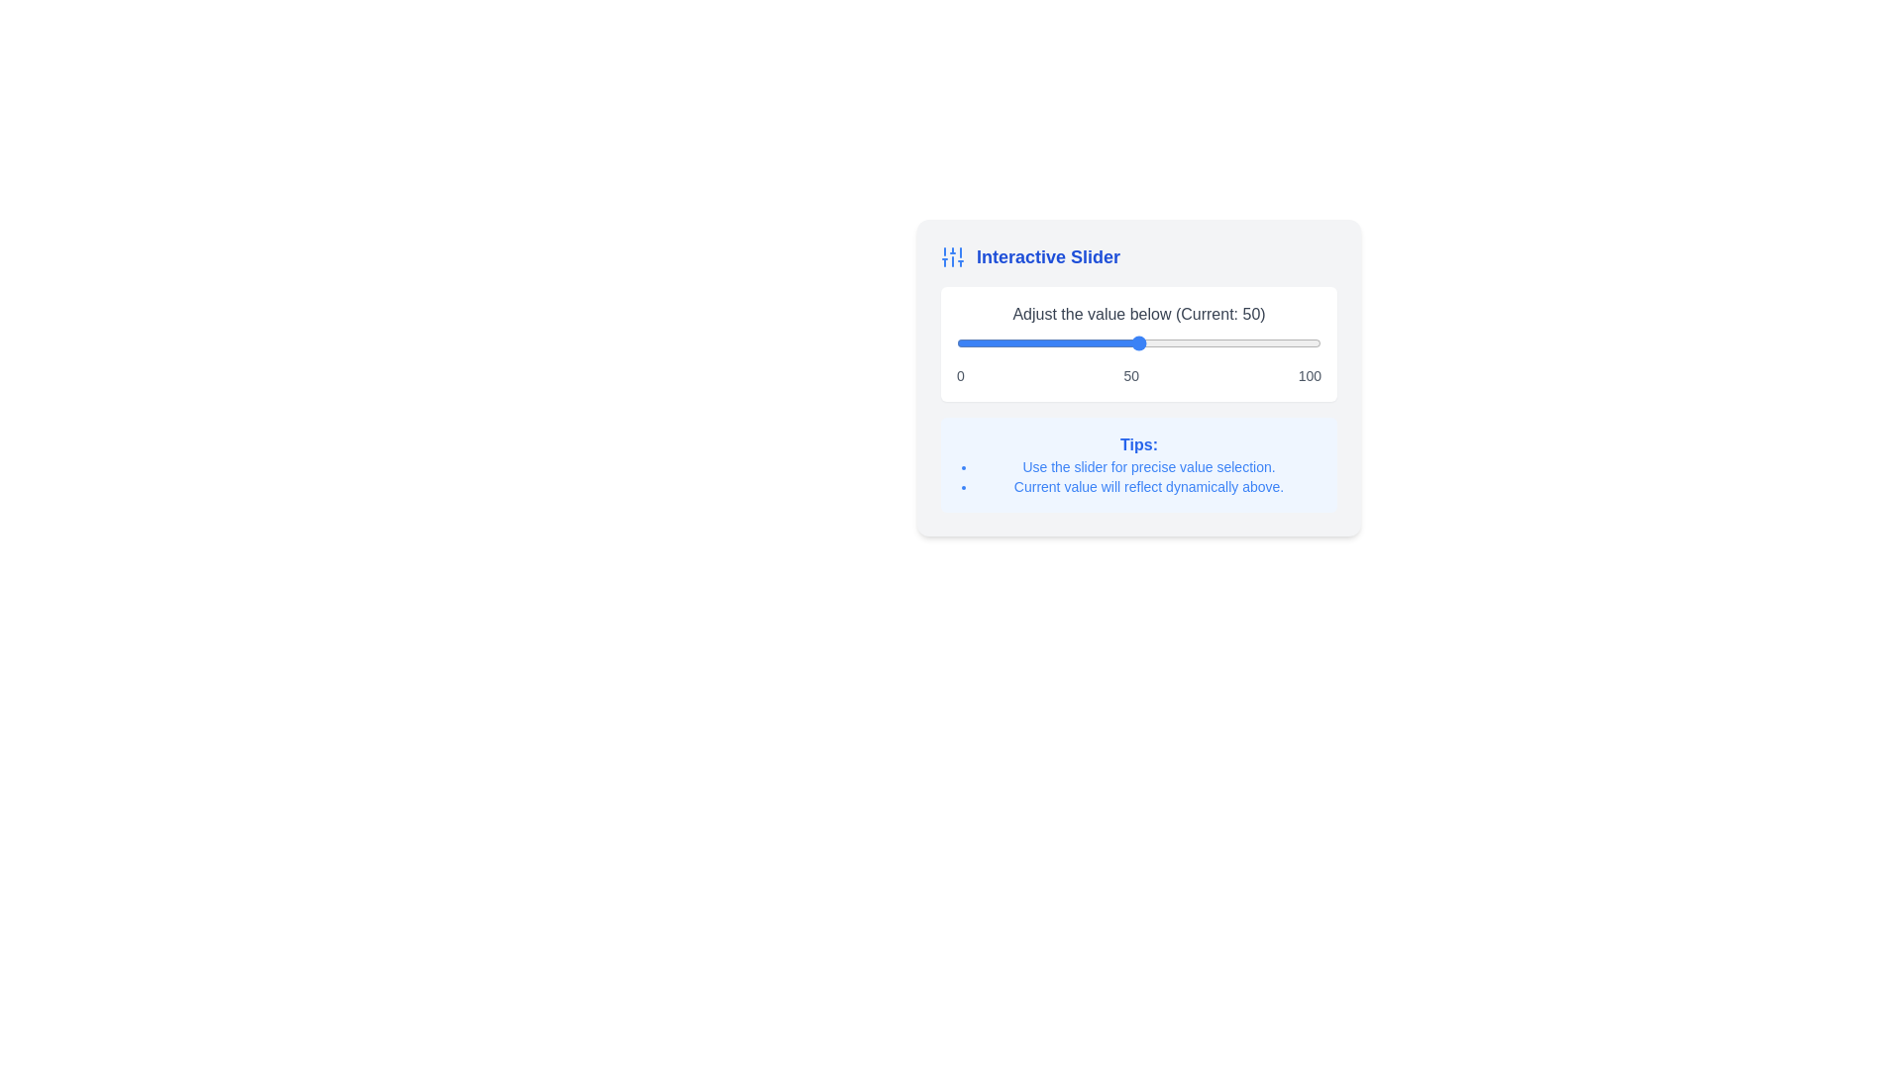 This screenshot has height=1069, width=1902. I want to click on the slider value, so click(1172, 342).